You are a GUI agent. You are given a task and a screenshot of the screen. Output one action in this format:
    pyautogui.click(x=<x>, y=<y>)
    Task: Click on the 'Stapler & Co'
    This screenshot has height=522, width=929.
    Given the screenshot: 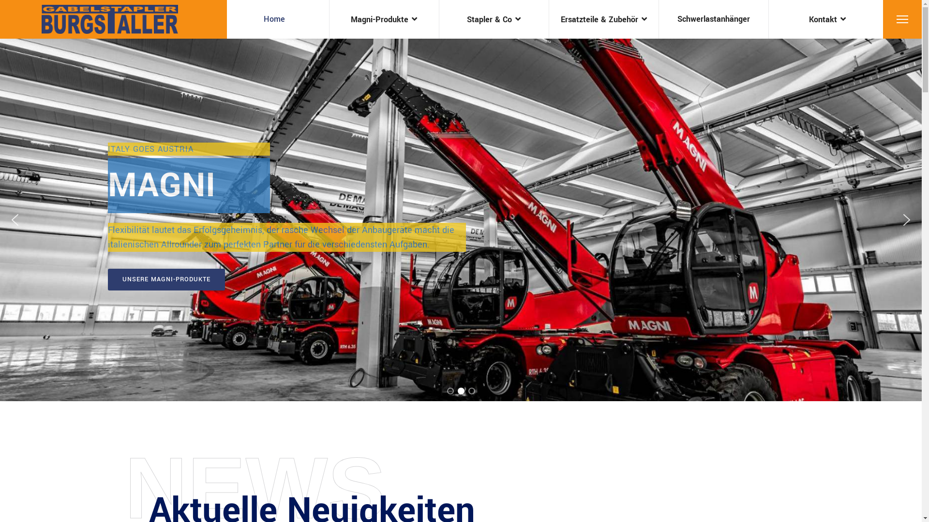 What is the action you would take?
    pyautogui.click(x=494, y=19)
    